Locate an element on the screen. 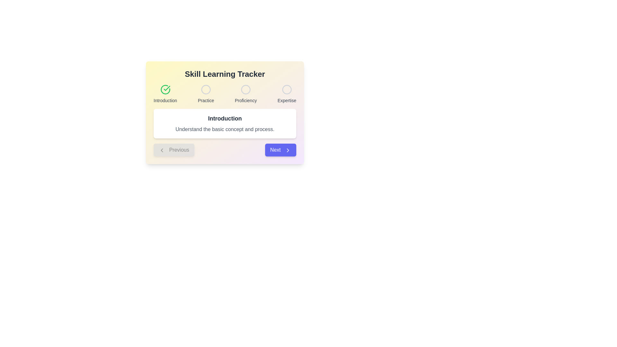 This screenshot has height=347, width=617. the 'Expertise' static indicator in the multi-step learning tracker, which is the fourth element in the sequence of indicators labeled 'Introduction', 'Practice', 'Proficiency', and 'Expertise' is located at coordinates (286, 94).